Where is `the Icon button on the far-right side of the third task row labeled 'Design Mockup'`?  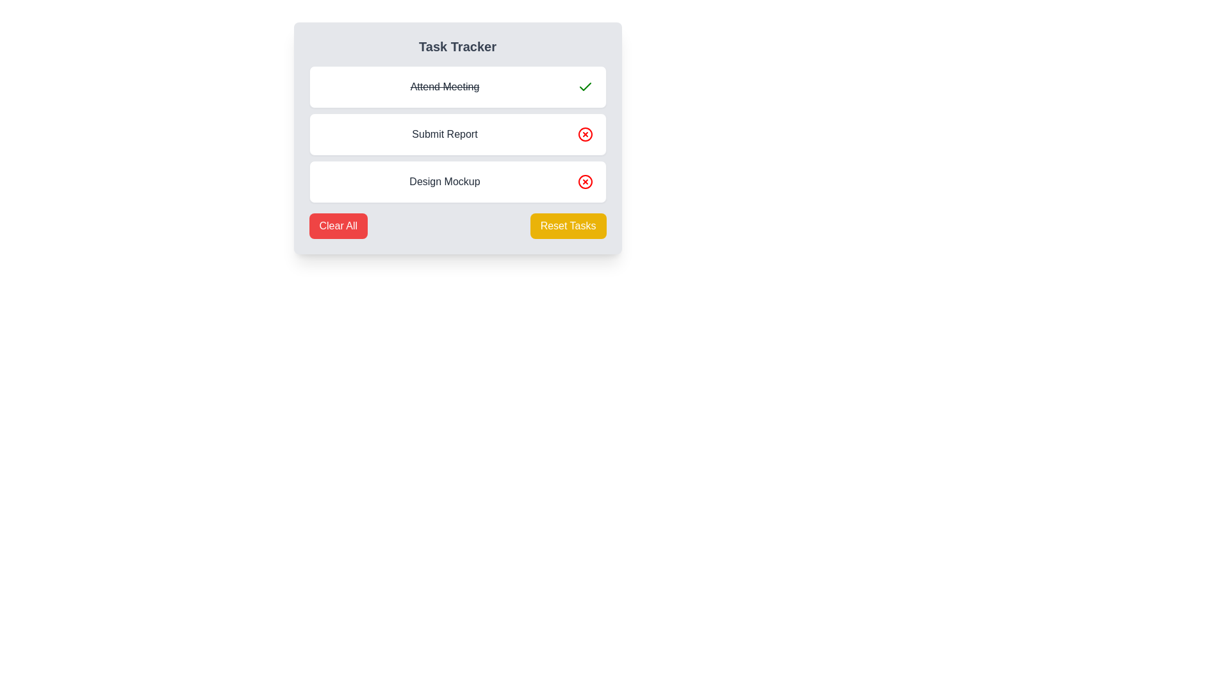
the Icon button on the far-right side of the third task row labeled 'Design Mockup' is located at coordinates (584, 182).